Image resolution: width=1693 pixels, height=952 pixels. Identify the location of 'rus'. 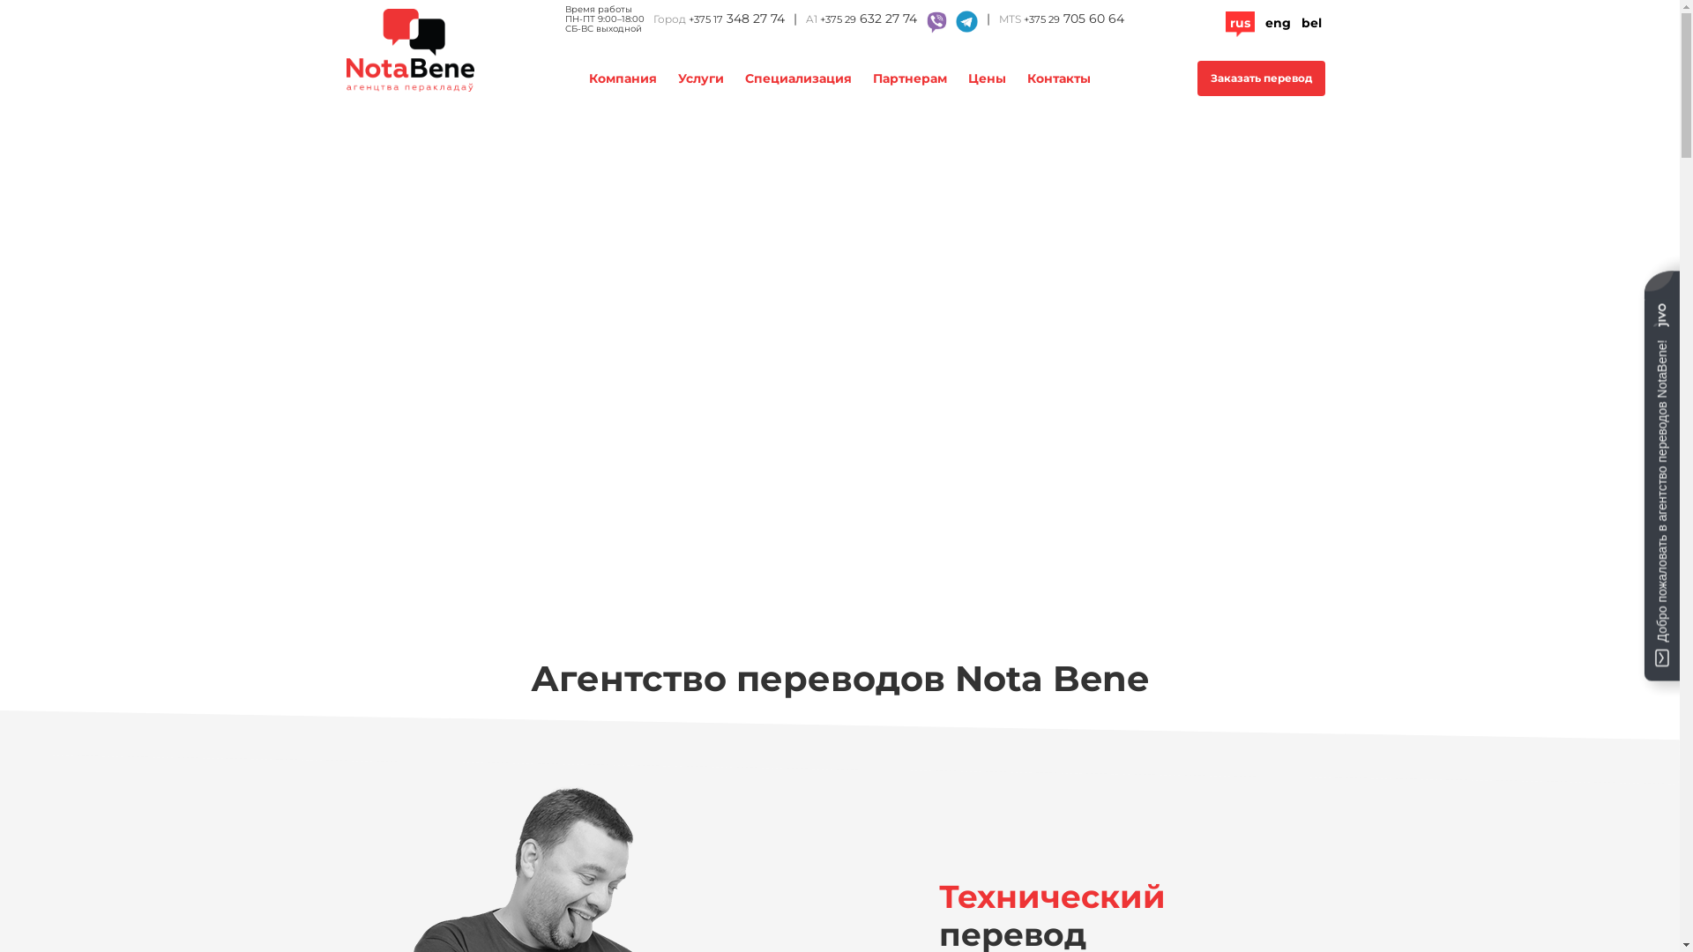
(1238, 23).